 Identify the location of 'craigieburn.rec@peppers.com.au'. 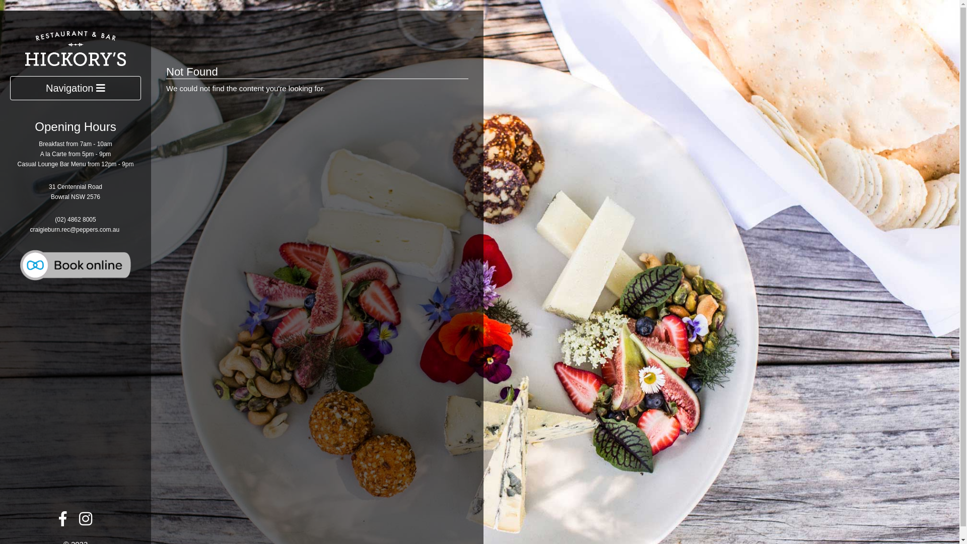
(74, 229).